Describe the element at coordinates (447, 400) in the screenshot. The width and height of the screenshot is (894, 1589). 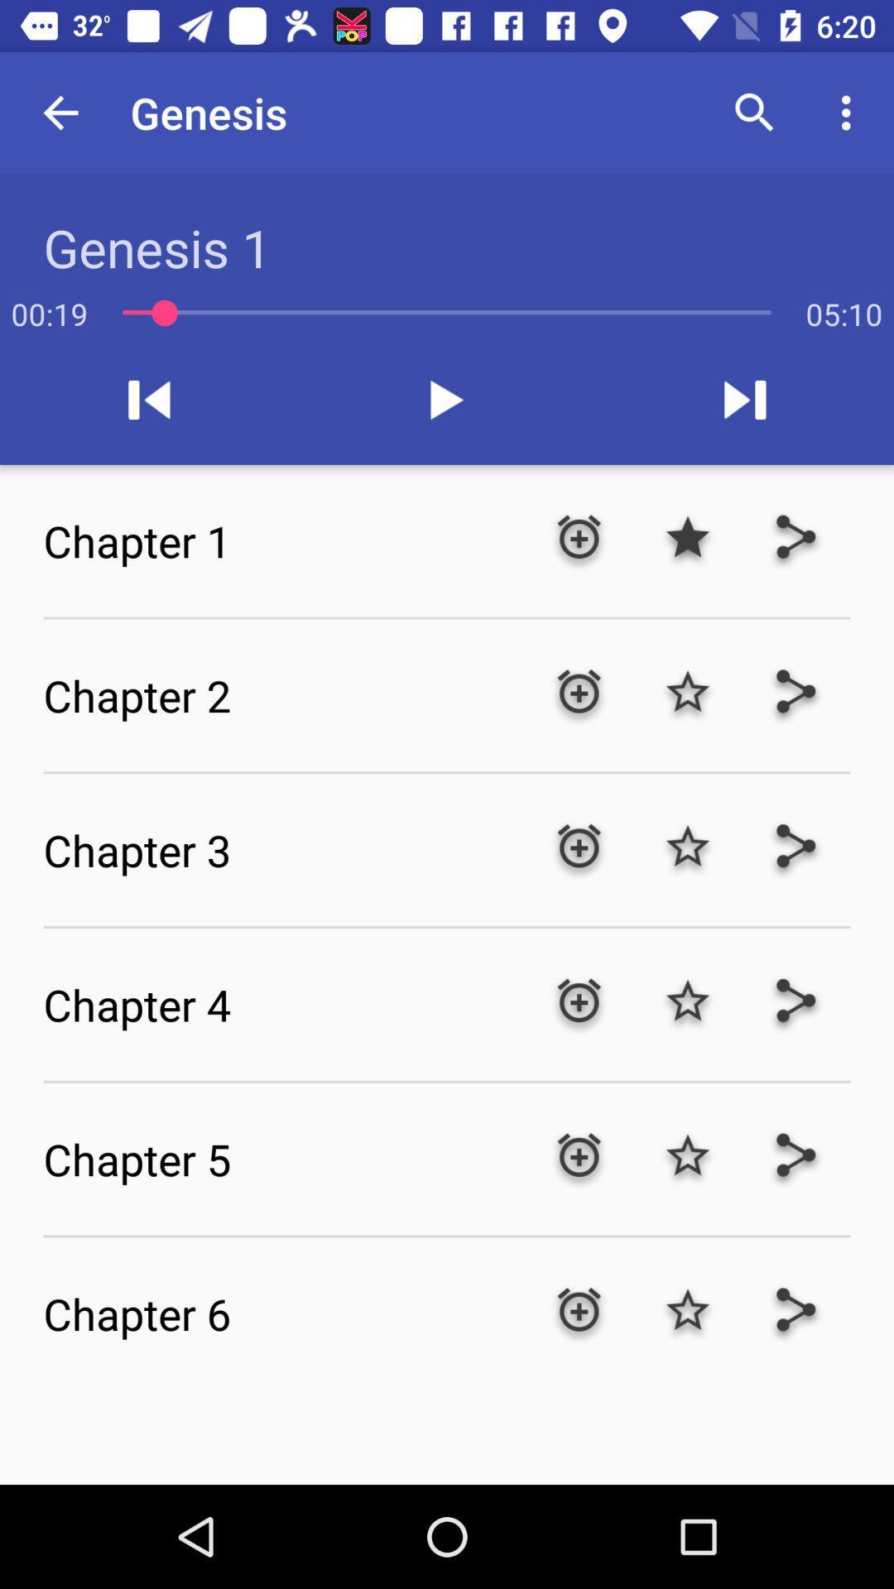
I see `the play icon` at that location.